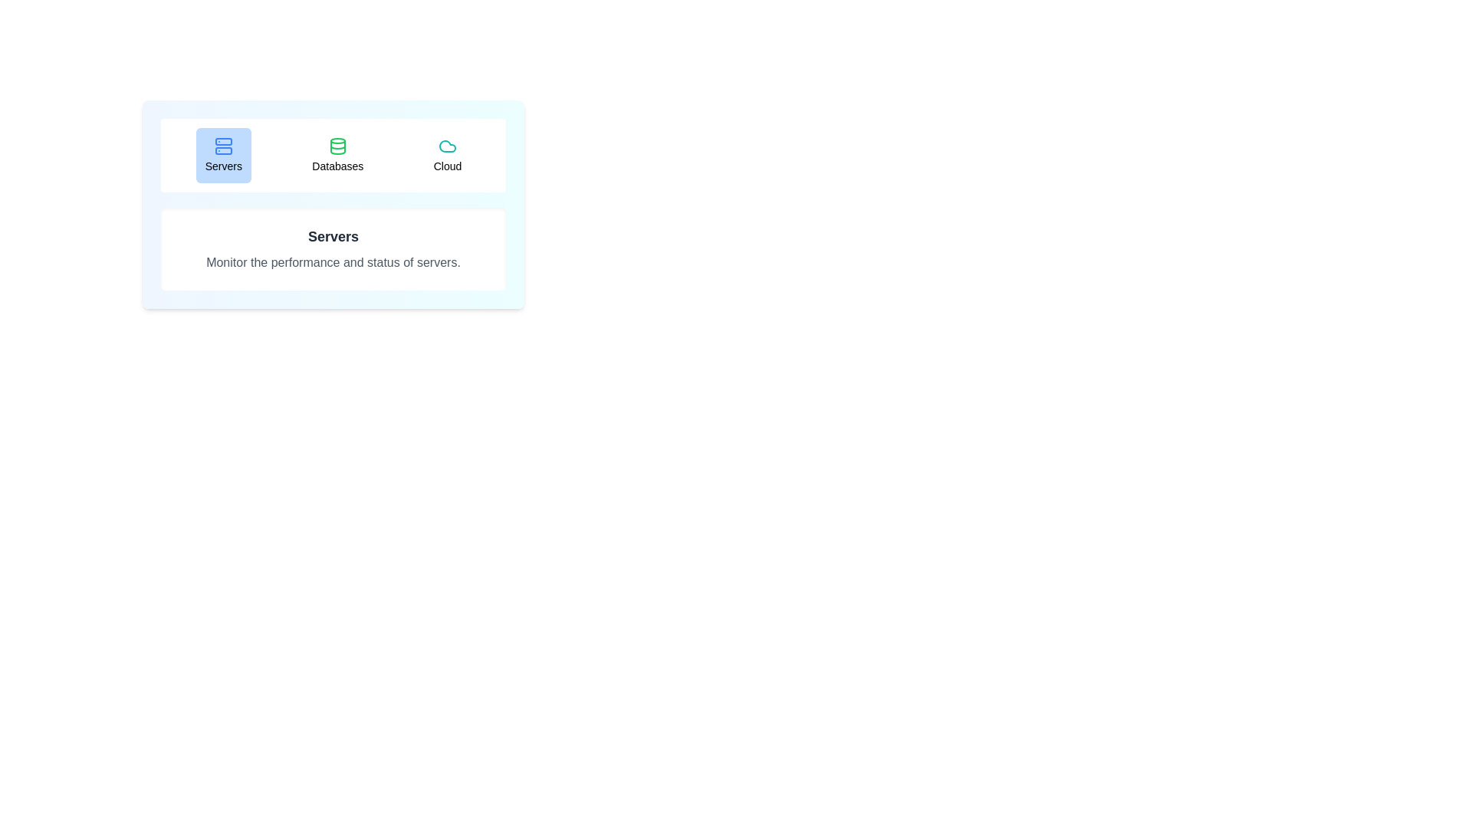 The image size is (1472, 828). What do you see at coordinates (447, 156) in the screenshot?
I see `the Cloud tab to view its content` at bounding box center [447, 156].